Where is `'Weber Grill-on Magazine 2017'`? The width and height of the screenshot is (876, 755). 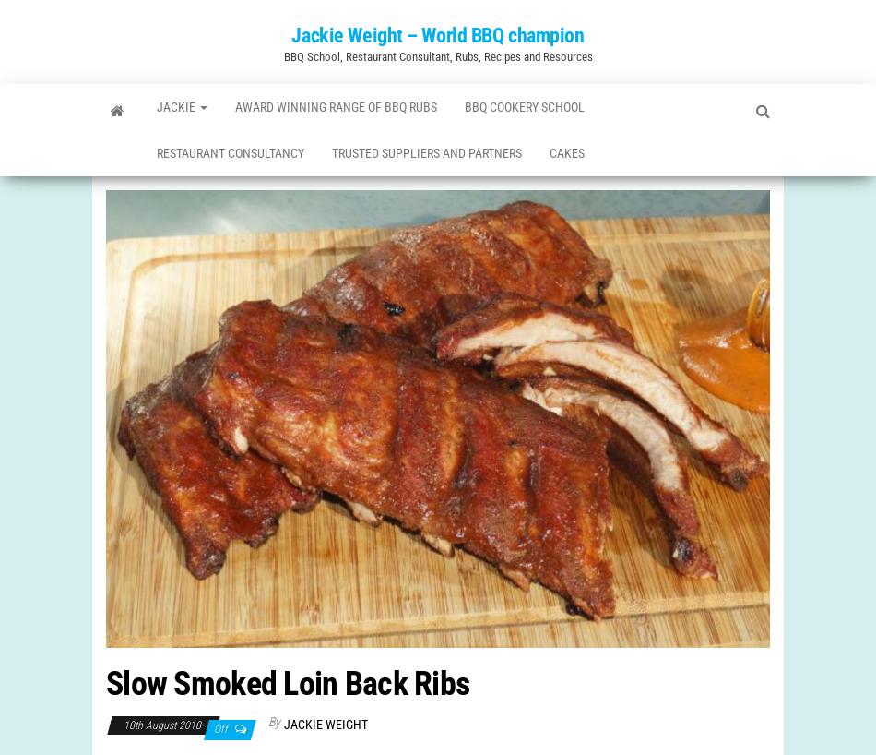 'Weber Grill-on Magazine 2017' is located at coordinates (162, 179).